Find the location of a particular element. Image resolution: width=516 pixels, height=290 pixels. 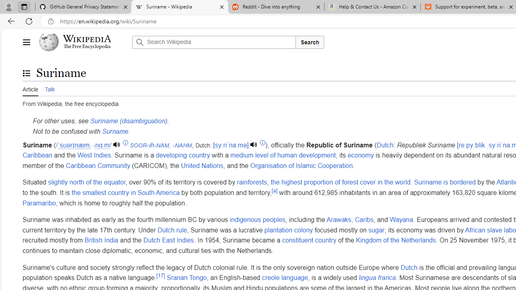

'Suriname is bordered' is located at coordinates (445, 182).